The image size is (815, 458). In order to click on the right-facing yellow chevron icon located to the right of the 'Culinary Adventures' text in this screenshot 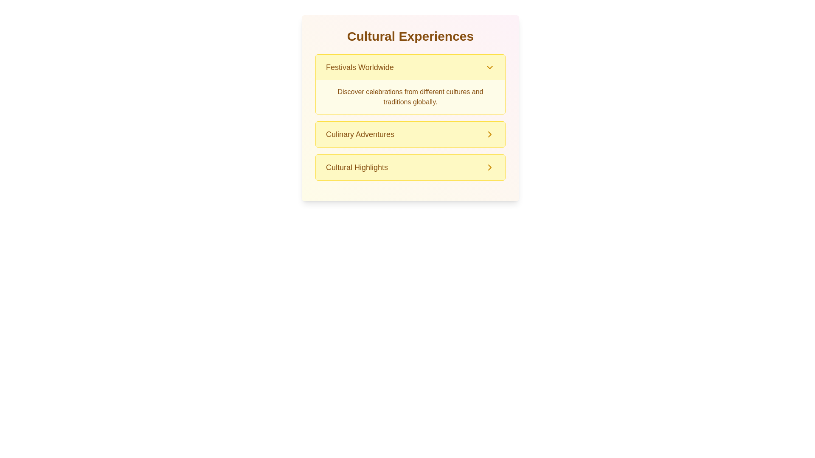, I will do `click(489, 134)`.